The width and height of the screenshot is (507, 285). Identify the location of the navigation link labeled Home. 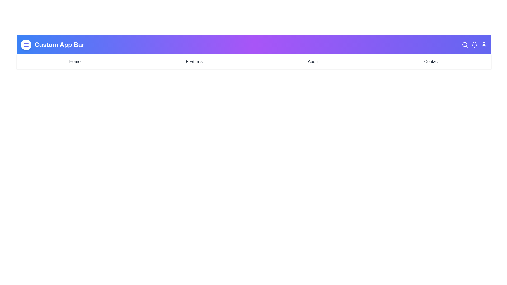
(74, 61).